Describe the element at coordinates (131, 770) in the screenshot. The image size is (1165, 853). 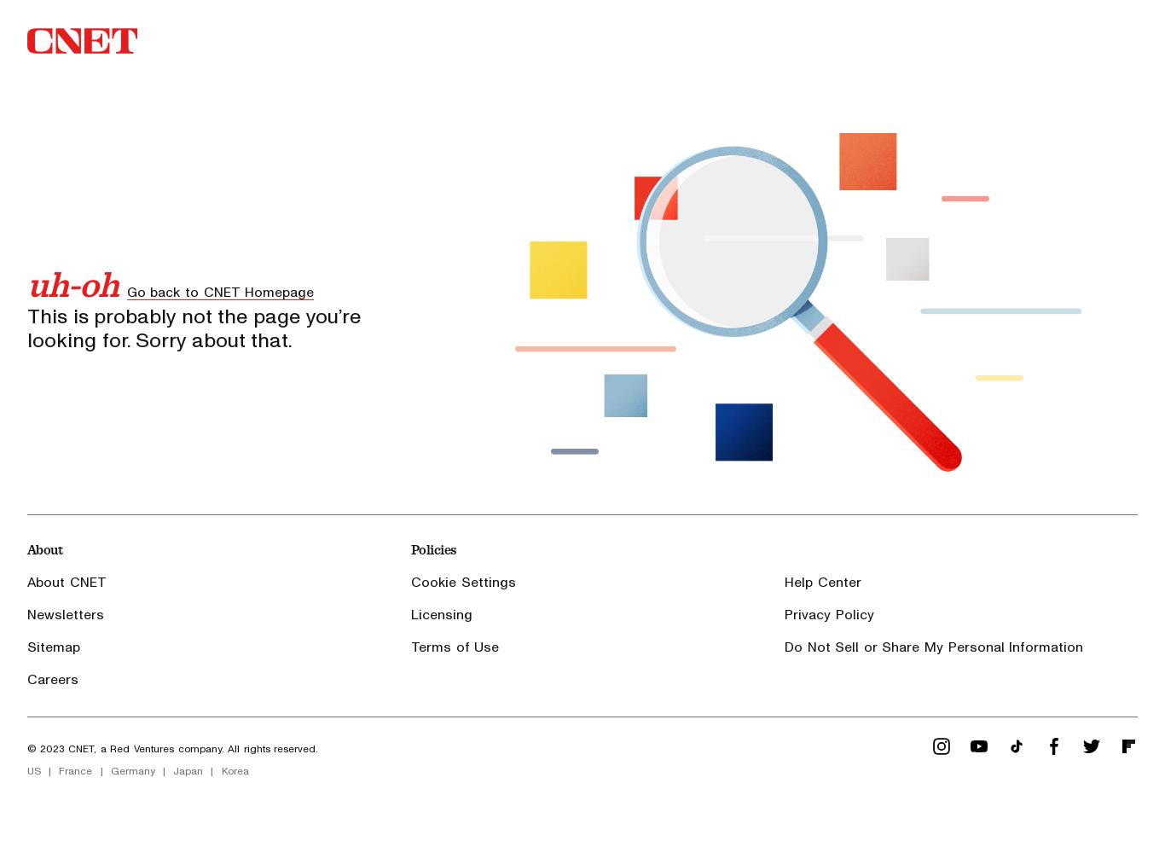
I see `'Germany'` at that location.